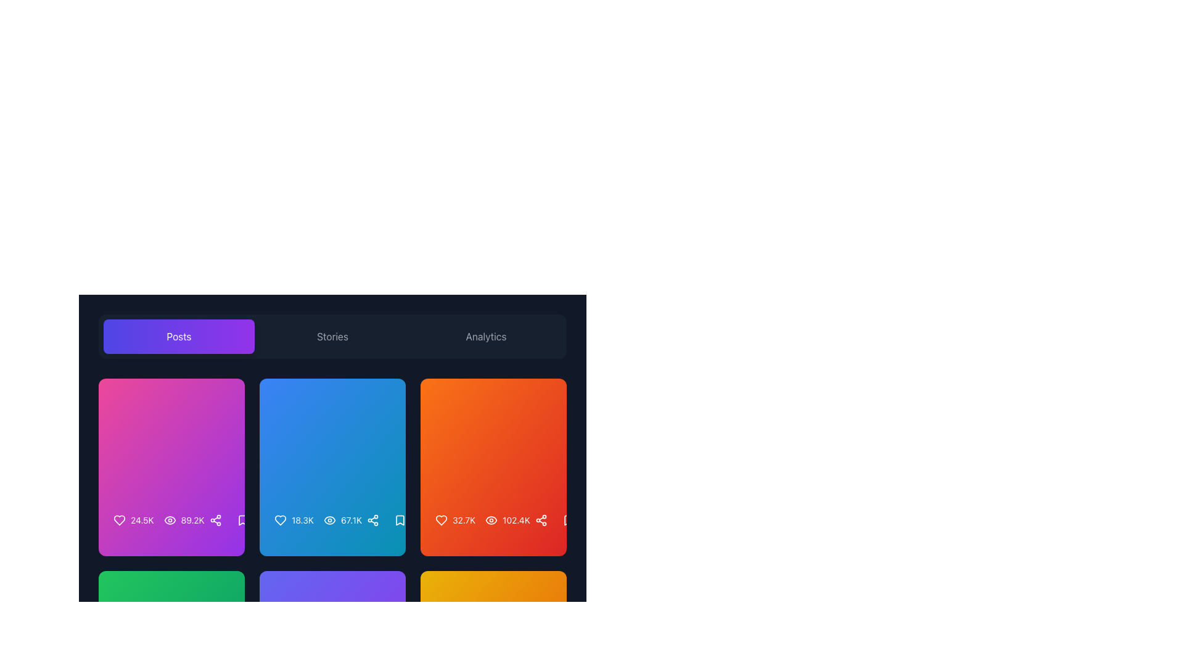 This screenshot has height=666, width=1184. Describe the element at coordinates (178, 337) in the screenshot. I see `the 'Posts' button, which is a rectangular button with rounded corners, featuring a gradient background from indigo to purple and bold white text` at that location.